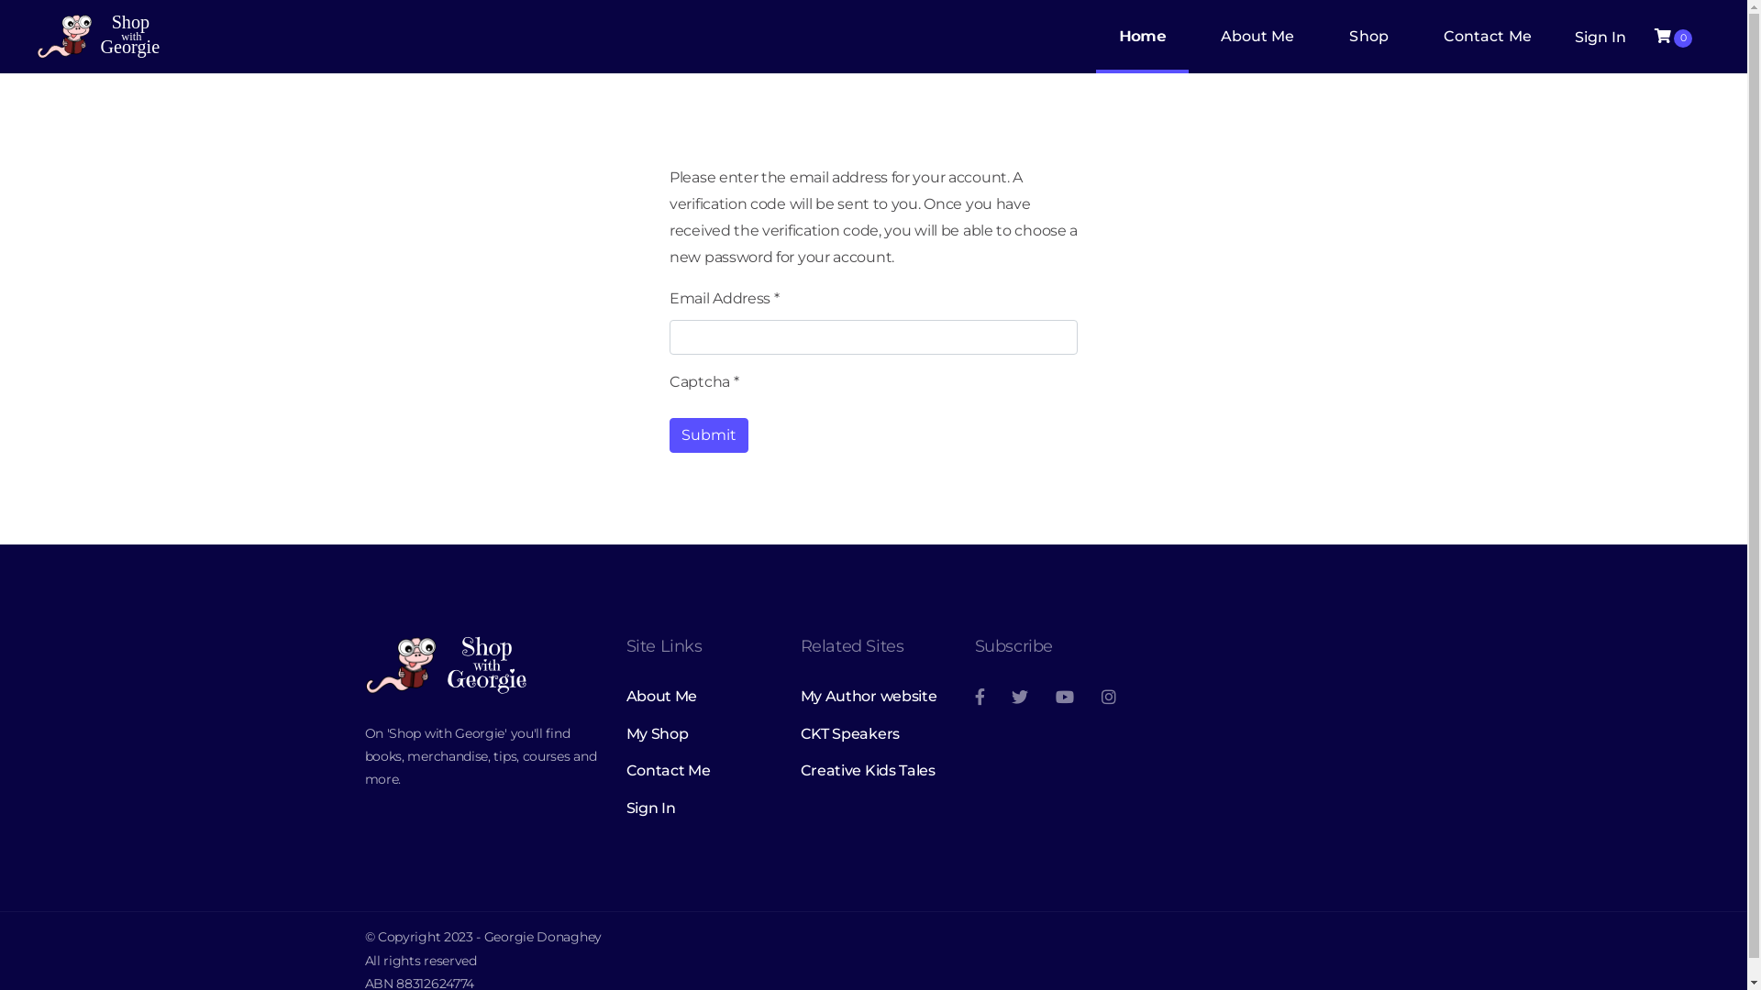  Describe the element at coordinates (871, 733) in the screenshot. I see `'CKT Speakers'` at that location.